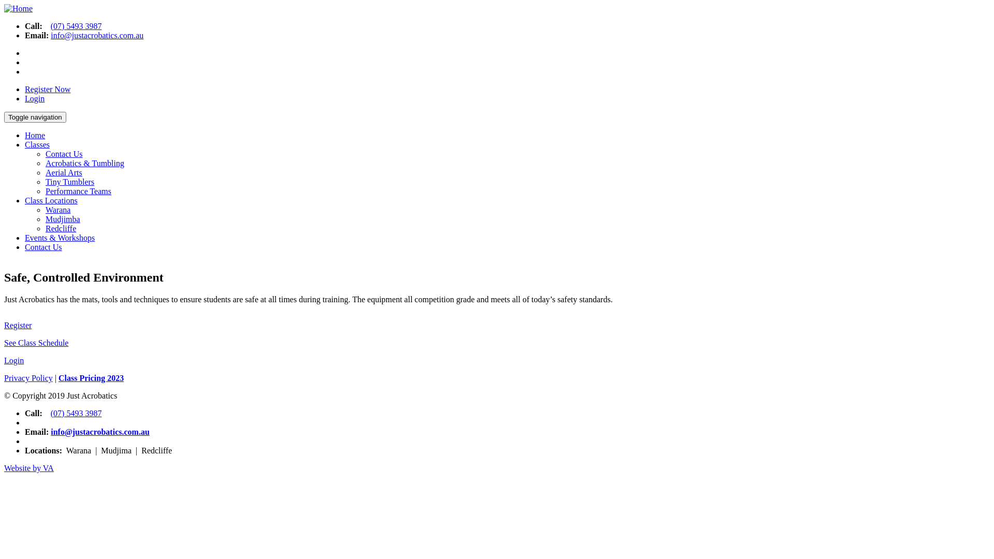  What do you see at coordinates (35, 98) in the screenshot?
I see `'Login'` at bounding box center [35, 98].